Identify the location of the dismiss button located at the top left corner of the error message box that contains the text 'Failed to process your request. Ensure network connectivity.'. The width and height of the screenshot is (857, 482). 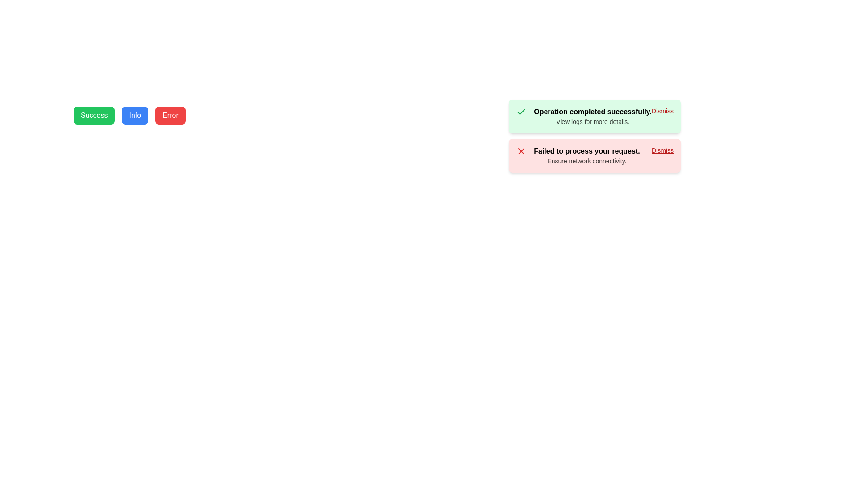
(521, 151).